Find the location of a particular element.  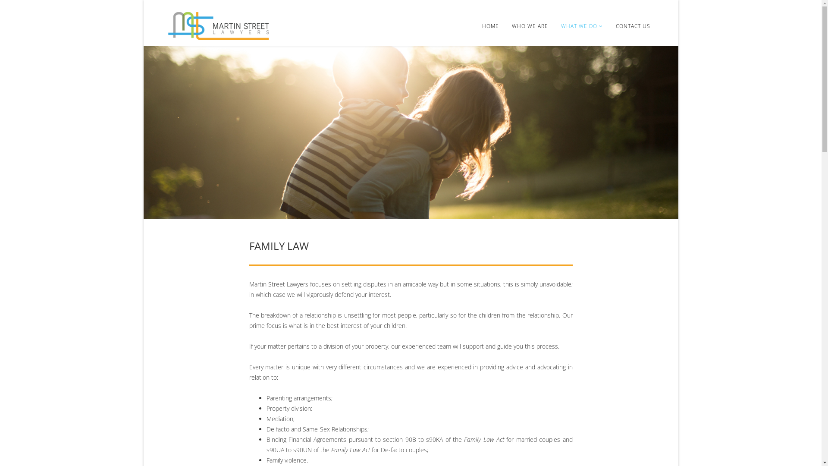

'WHAT WE DO' is located at coordinates (555, 26).